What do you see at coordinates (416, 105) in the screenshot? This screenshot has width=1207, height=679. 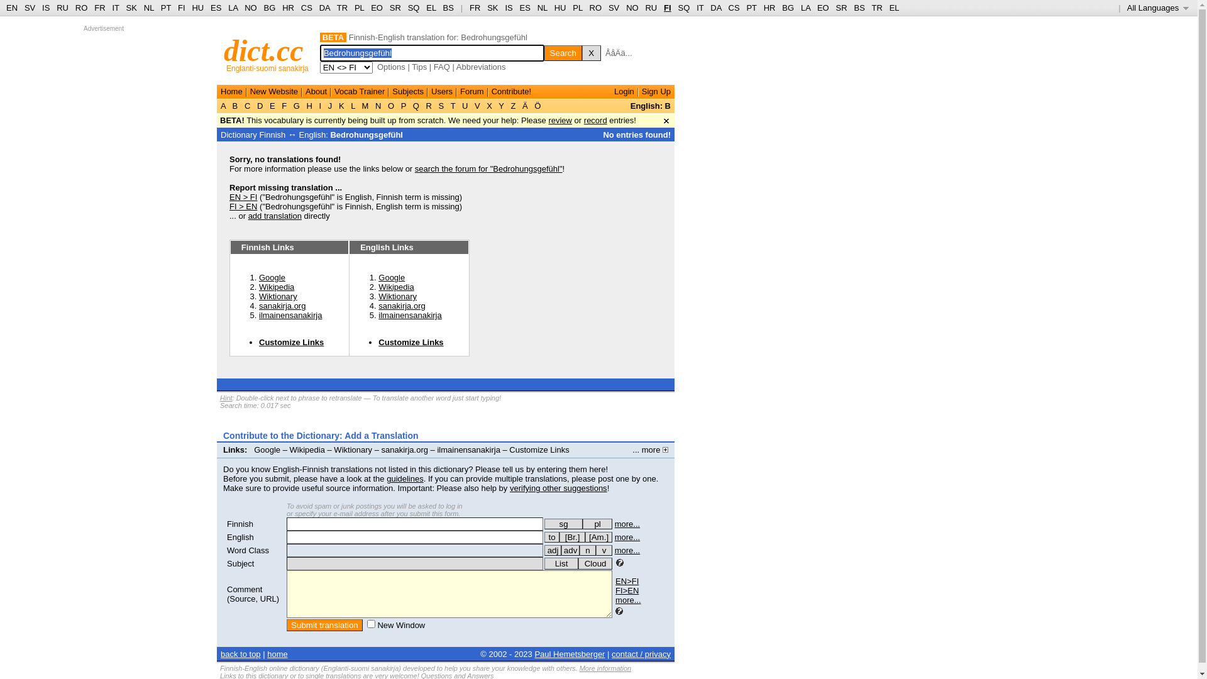 I see `'Q'` at bounding box center [416, 105].